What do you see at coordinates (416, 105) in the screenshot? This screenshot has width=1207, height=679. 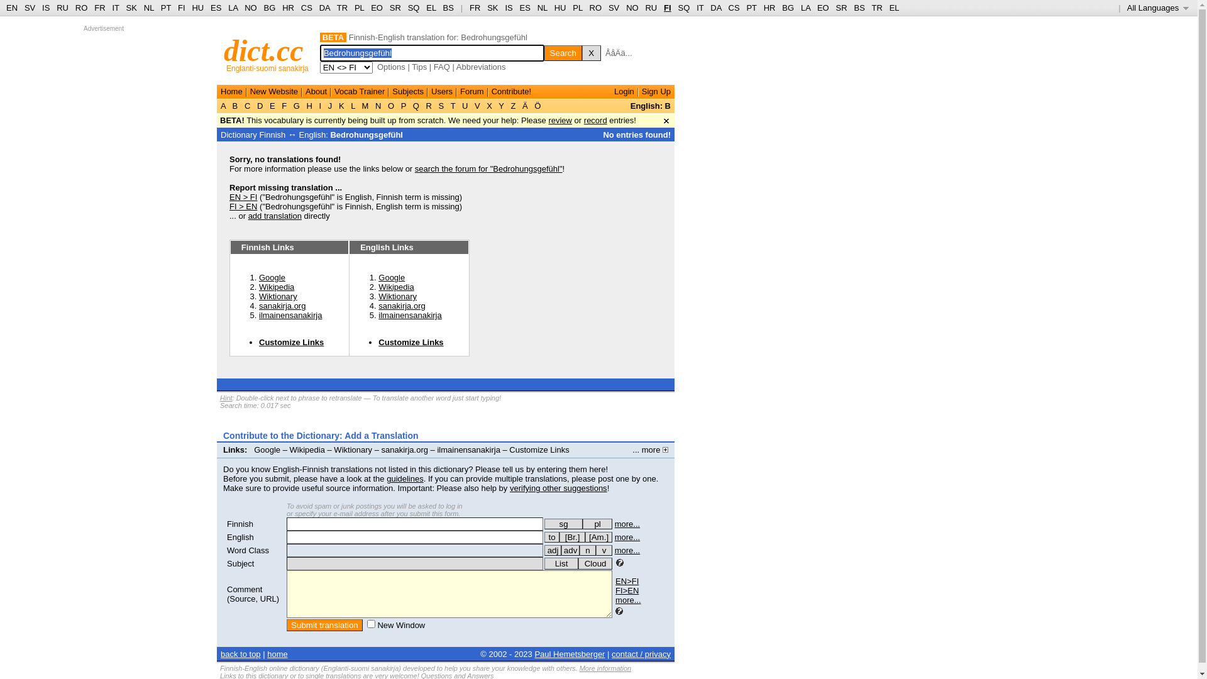 I see `'Q'` at bounding box center [416, 105].